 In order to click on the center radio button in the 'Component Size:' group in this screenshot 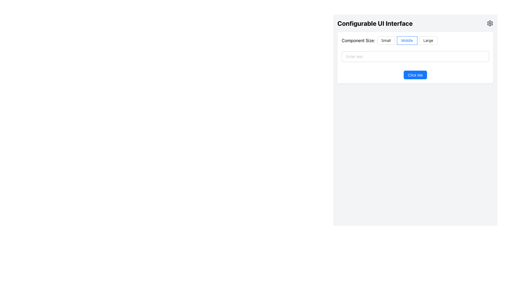, I will do `click(407, 40)`.